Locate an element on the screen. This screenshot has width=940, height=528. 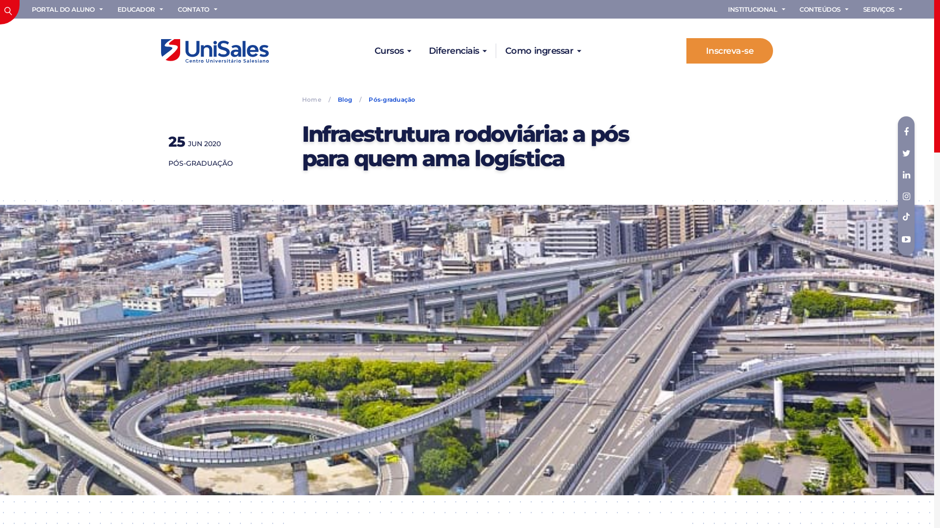
'Inscreva-se' is located at coordinates (729, 51).